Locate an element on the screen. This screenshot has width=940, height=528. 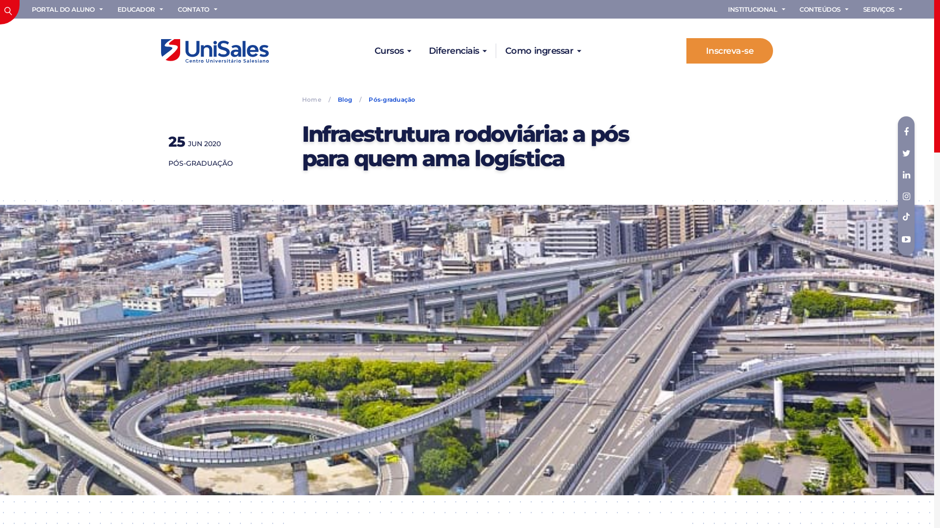
'Inscreva-se' is located at coordinates (729, 51).